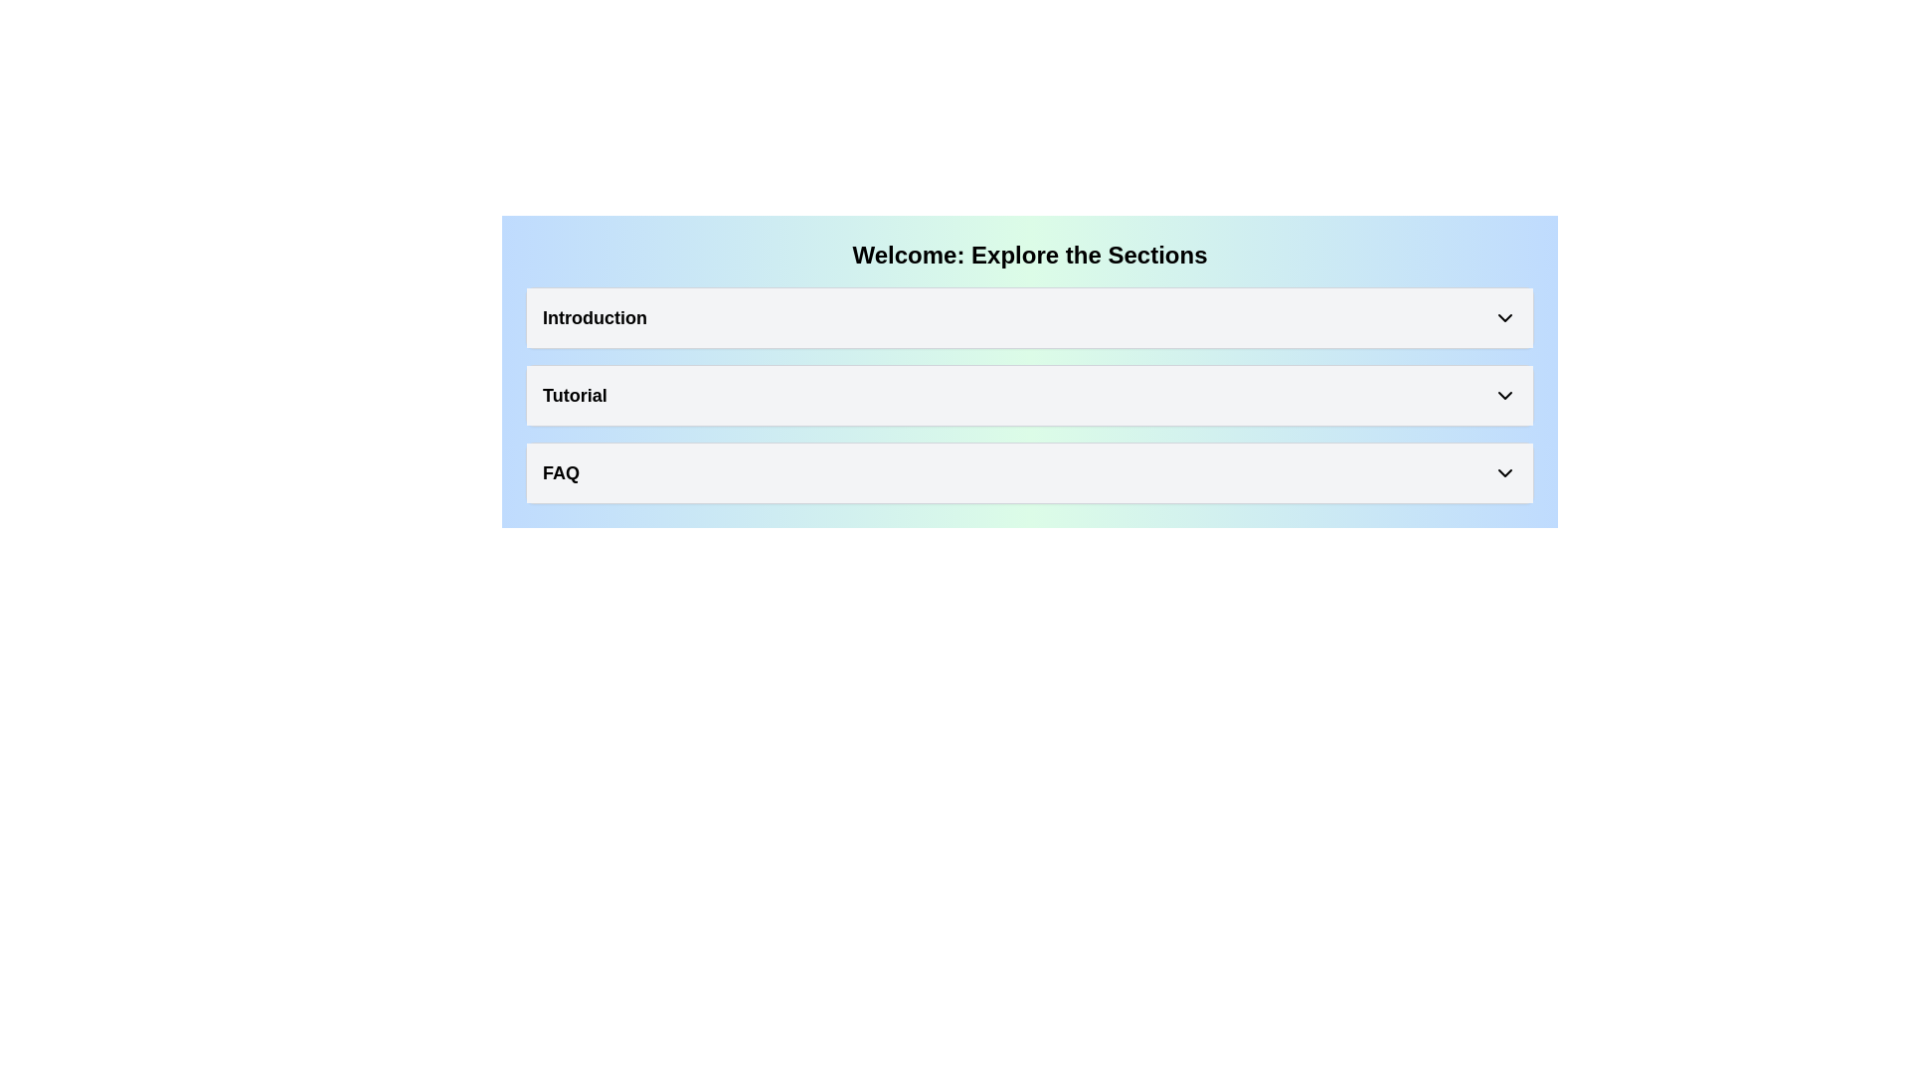 Image resolution: width=1909 pixels, height=1074 pixels. What do you see at coordinates (1030, 472) in the screenshot?
I see `the Collapsible Section Header labeled 'FAQ' using keyboard focus` at bounding box center [1030, 472].